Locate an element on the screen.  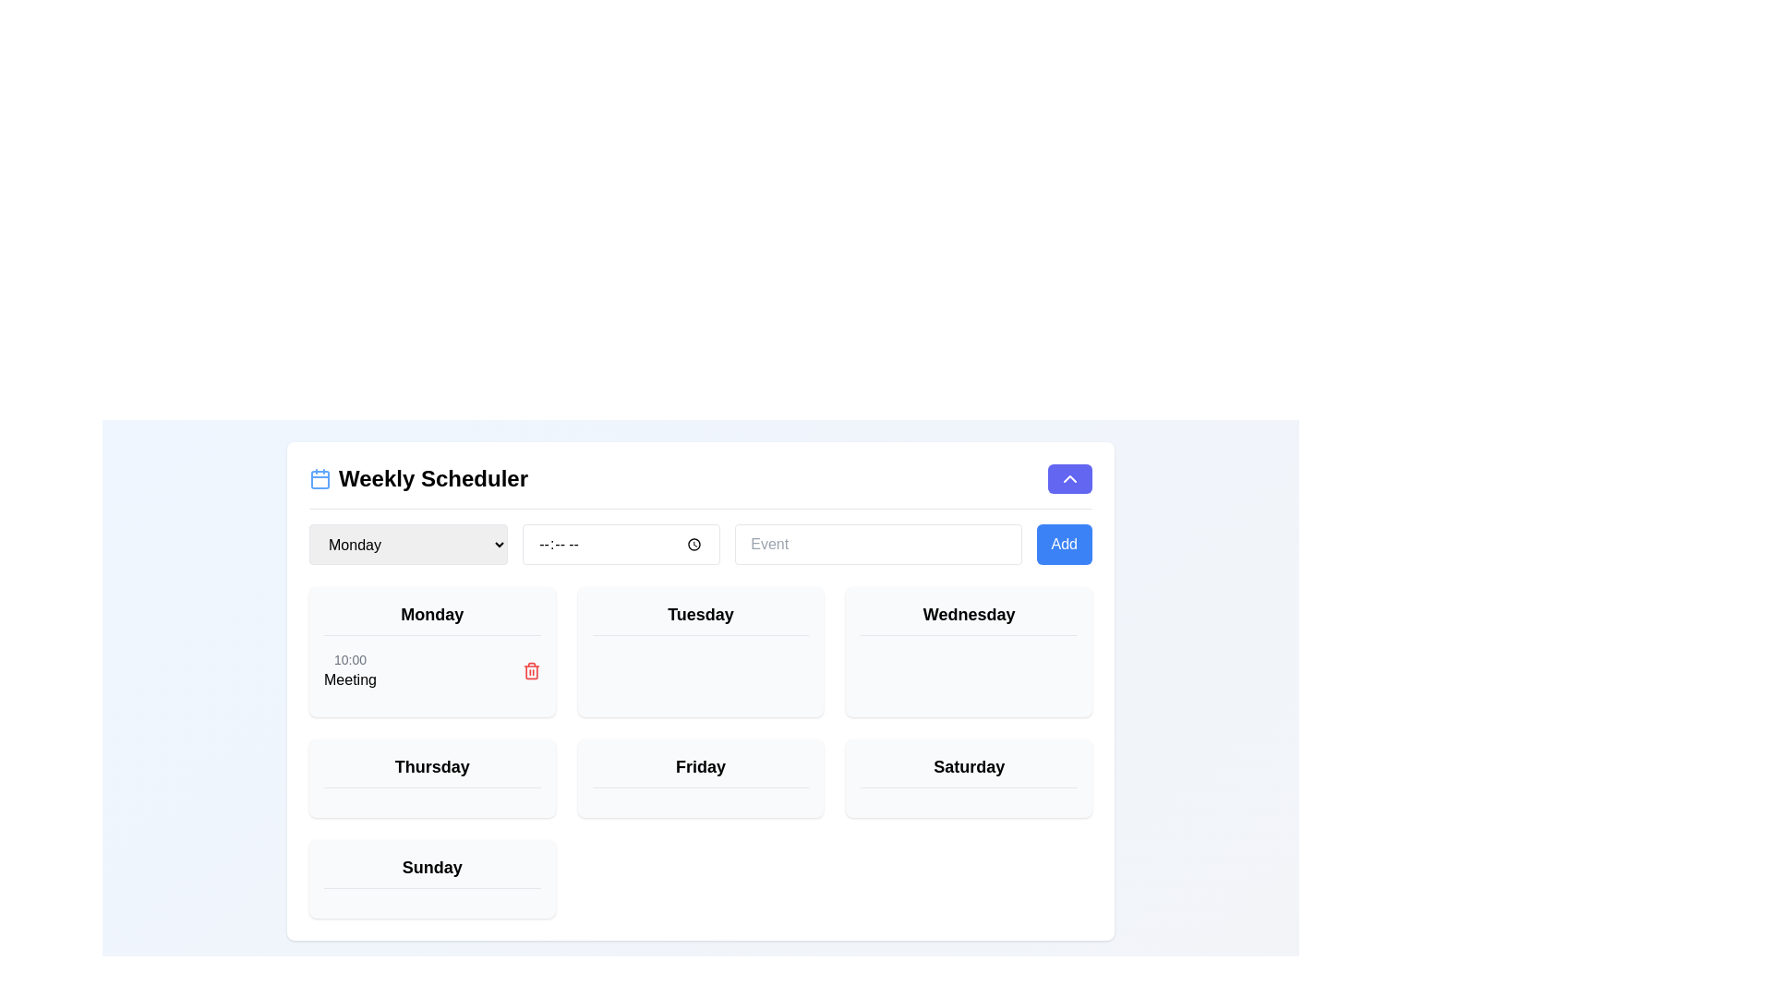
the Text label indicating the day of the week is located at coordinates (699, 619).